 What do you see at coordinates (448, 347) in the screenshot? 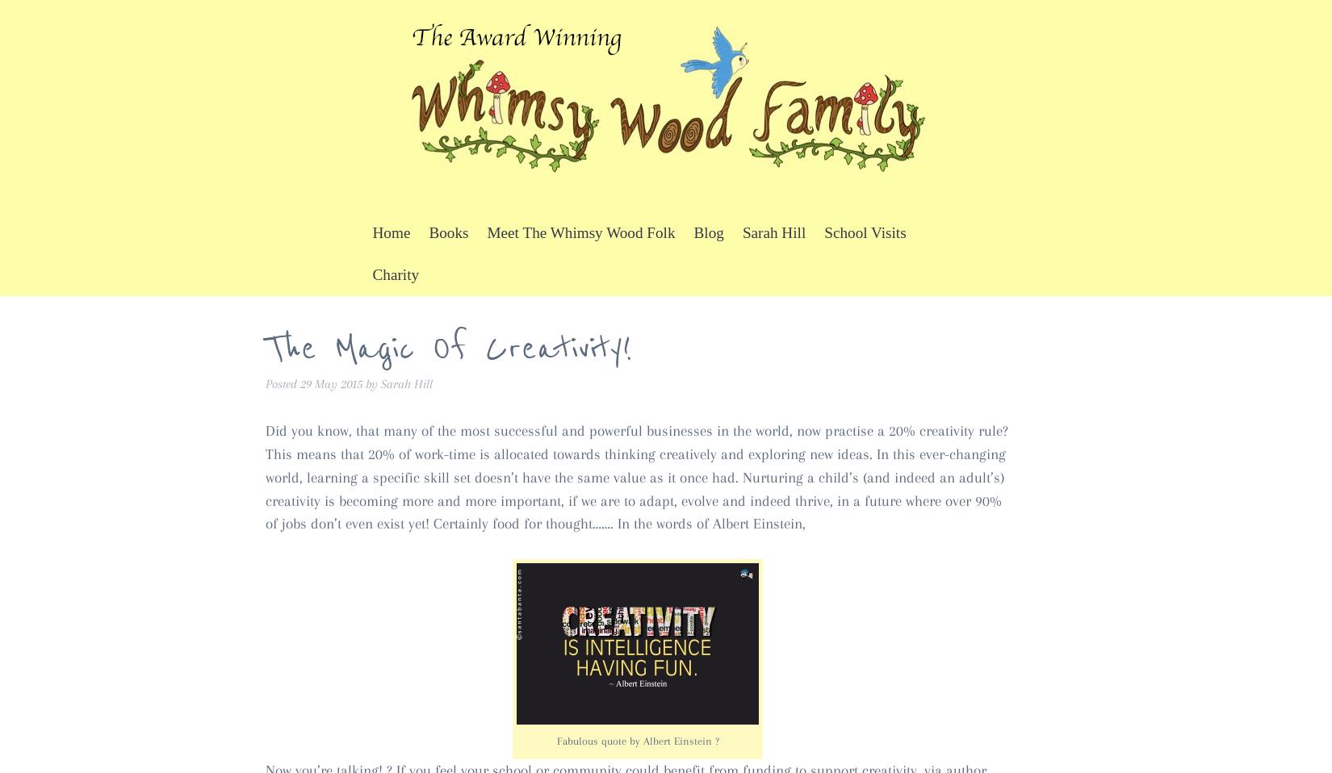
I see `'The Magic Of Creativity!'` at bounding box center [448, 347].